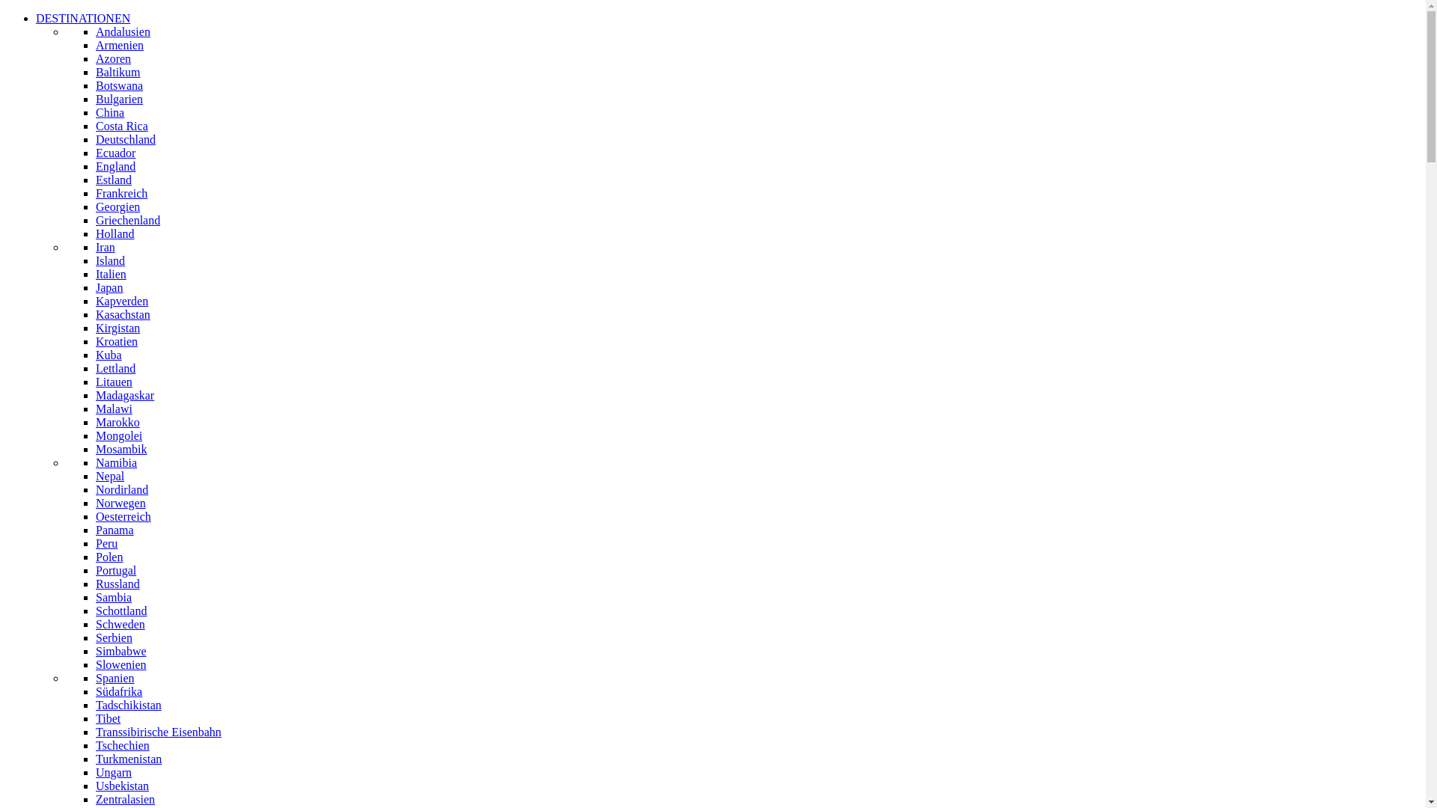 This screenshot has height=808, width=1437. I want to click on 'Mosambik', so click(121, 448).